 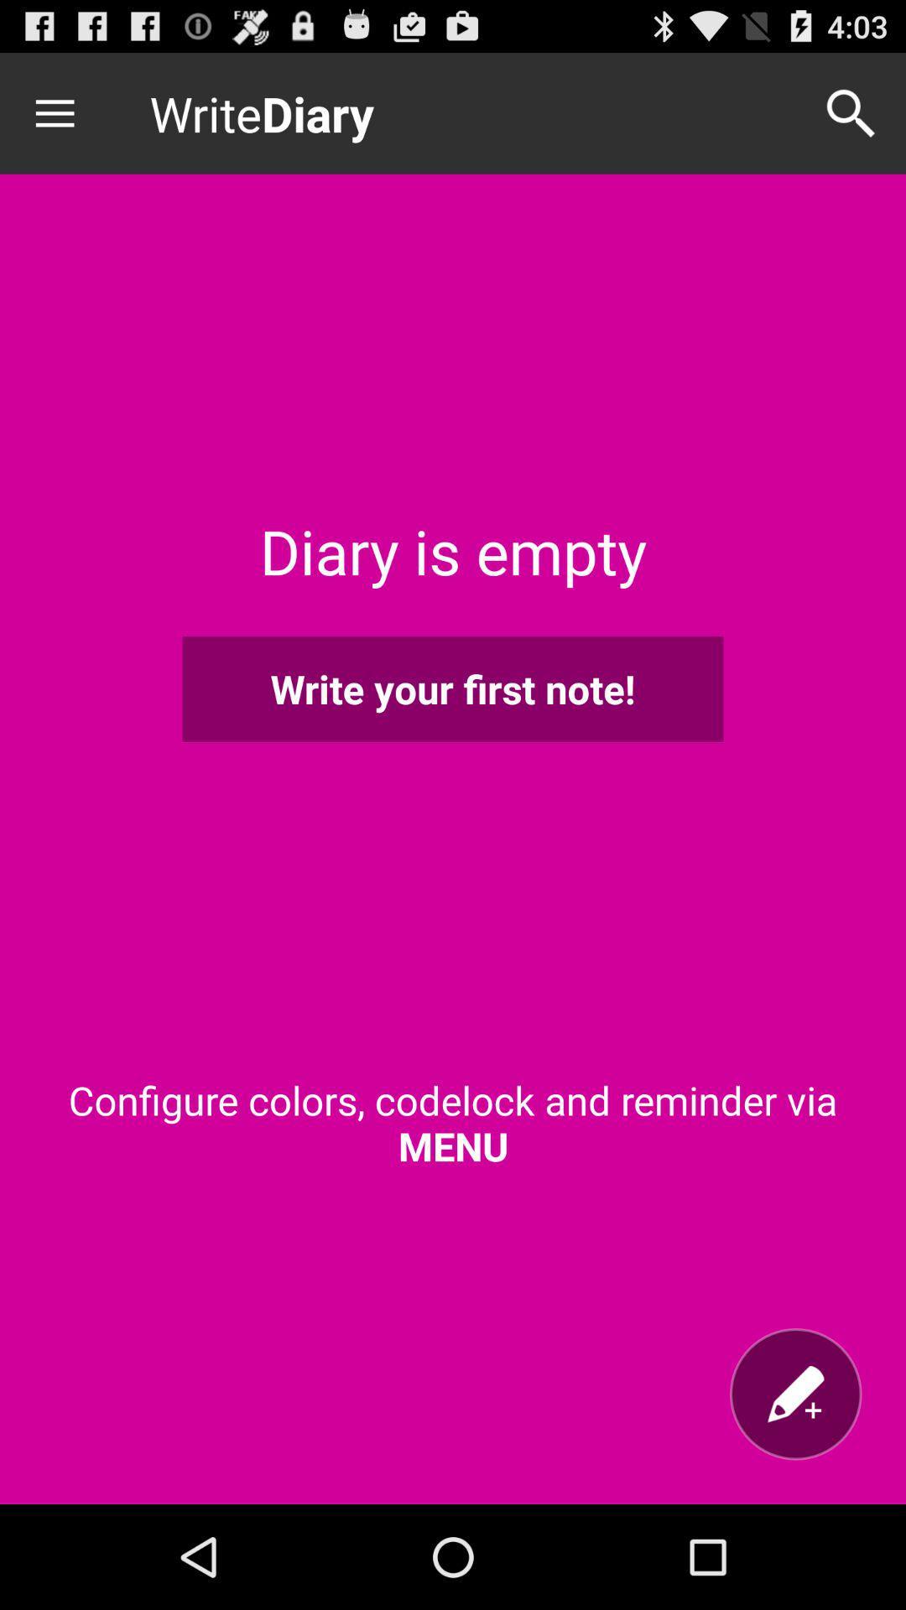 What do you see at coordinates (65, 120) in the screenshot?
I see `the menu icon` at bounding box center [65, 120].